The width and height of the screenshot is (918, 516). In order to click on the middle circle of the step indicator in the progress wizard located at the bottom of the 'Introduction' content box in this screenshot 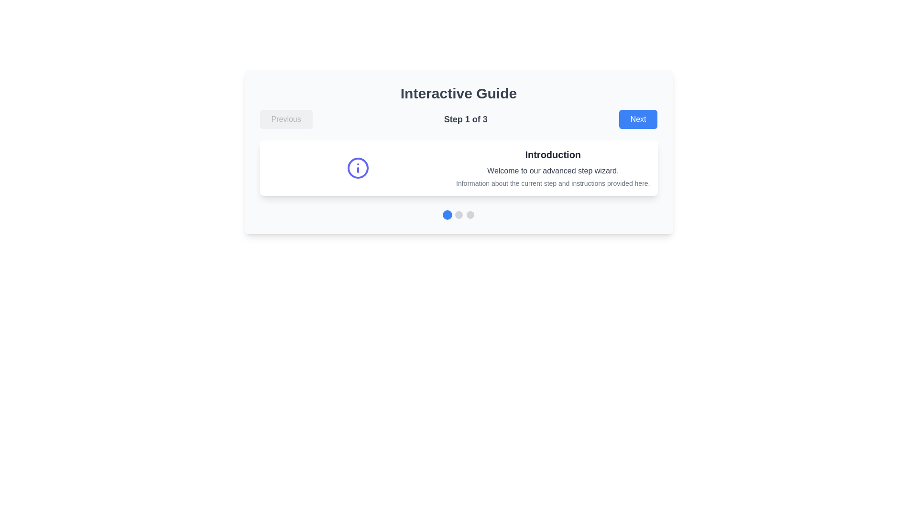, I will do `click(458, 215)`.